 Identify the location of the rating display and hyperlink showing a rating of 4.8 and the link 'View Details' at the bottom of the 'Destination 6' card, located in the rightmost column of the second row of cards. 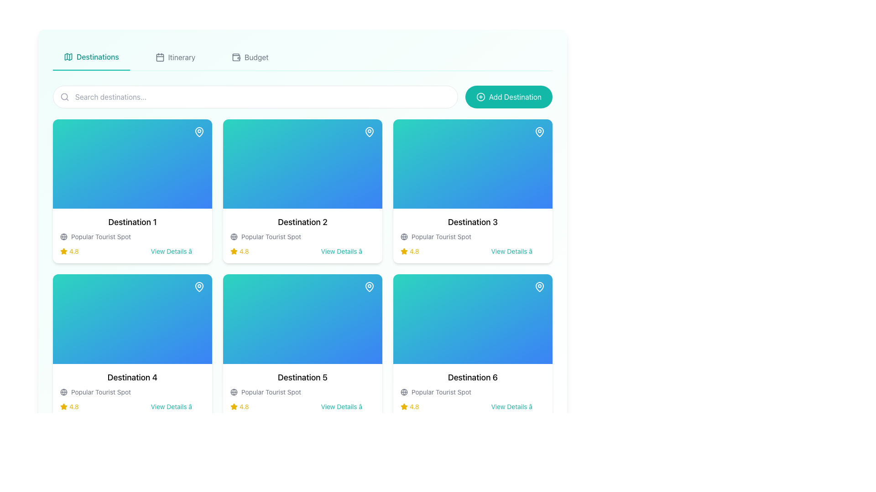
(473, 406).